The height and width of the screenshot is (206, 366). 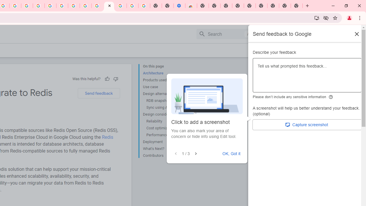 I want to click on 'OK, Got it', so click(x=231, y=153).